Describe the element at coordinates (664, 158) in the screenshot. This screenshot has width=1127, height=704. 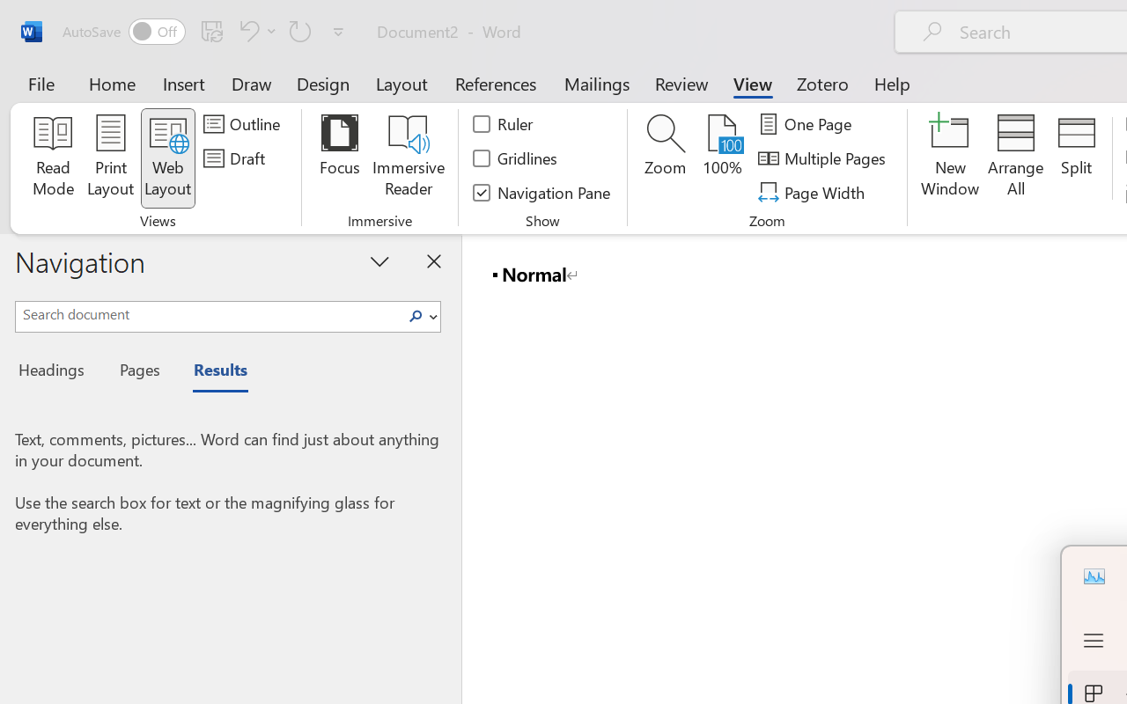
I see `'Zoom...'` at that location.